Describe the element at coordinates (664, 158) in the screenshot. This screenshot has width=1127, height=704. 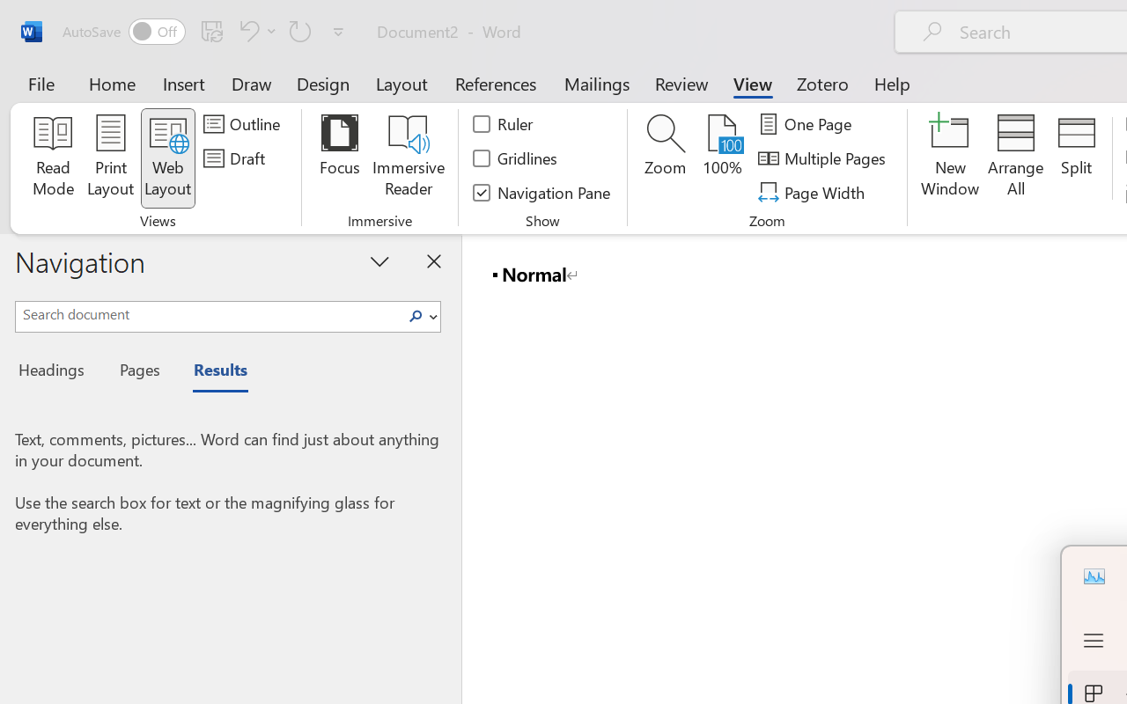
I see `'Zoom...'` at that location.